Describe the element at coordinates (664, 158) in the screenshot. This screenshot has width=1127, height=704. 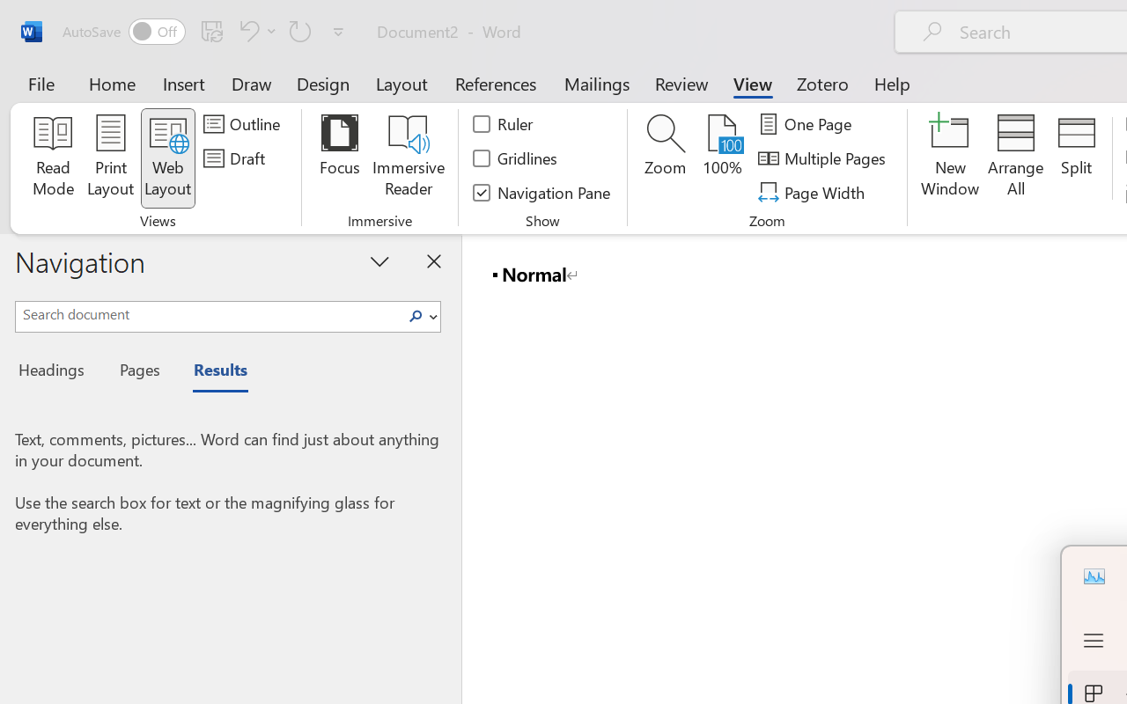
I see `'Zoom...'` at that location.